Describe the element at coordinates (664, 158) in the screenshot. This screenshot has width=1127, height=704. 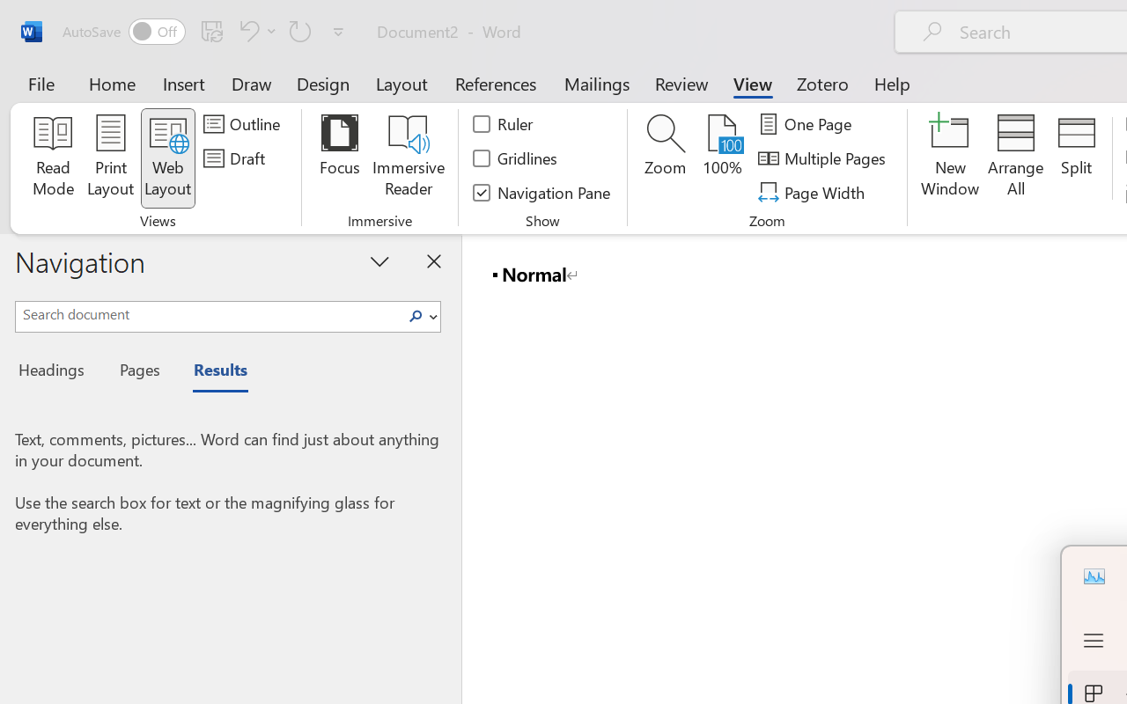
I see `'Zoom...'` at that location.